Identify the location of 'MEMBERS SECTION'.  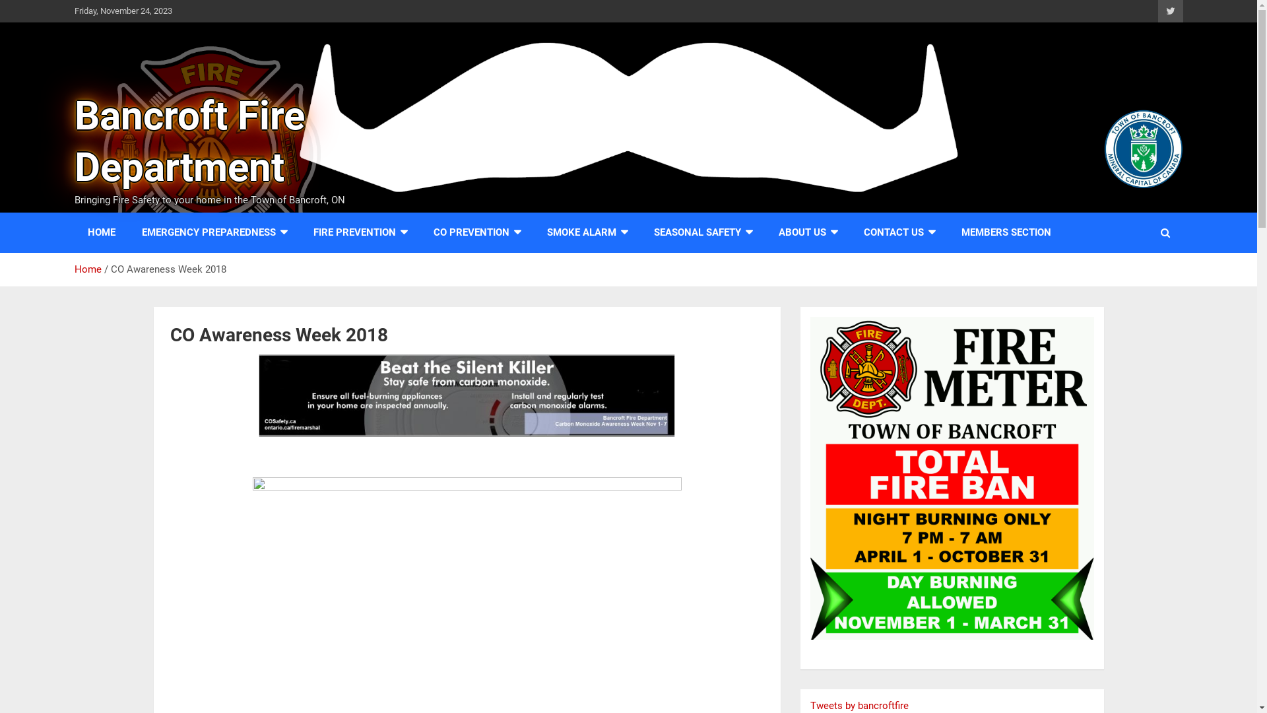
(1004, 232).